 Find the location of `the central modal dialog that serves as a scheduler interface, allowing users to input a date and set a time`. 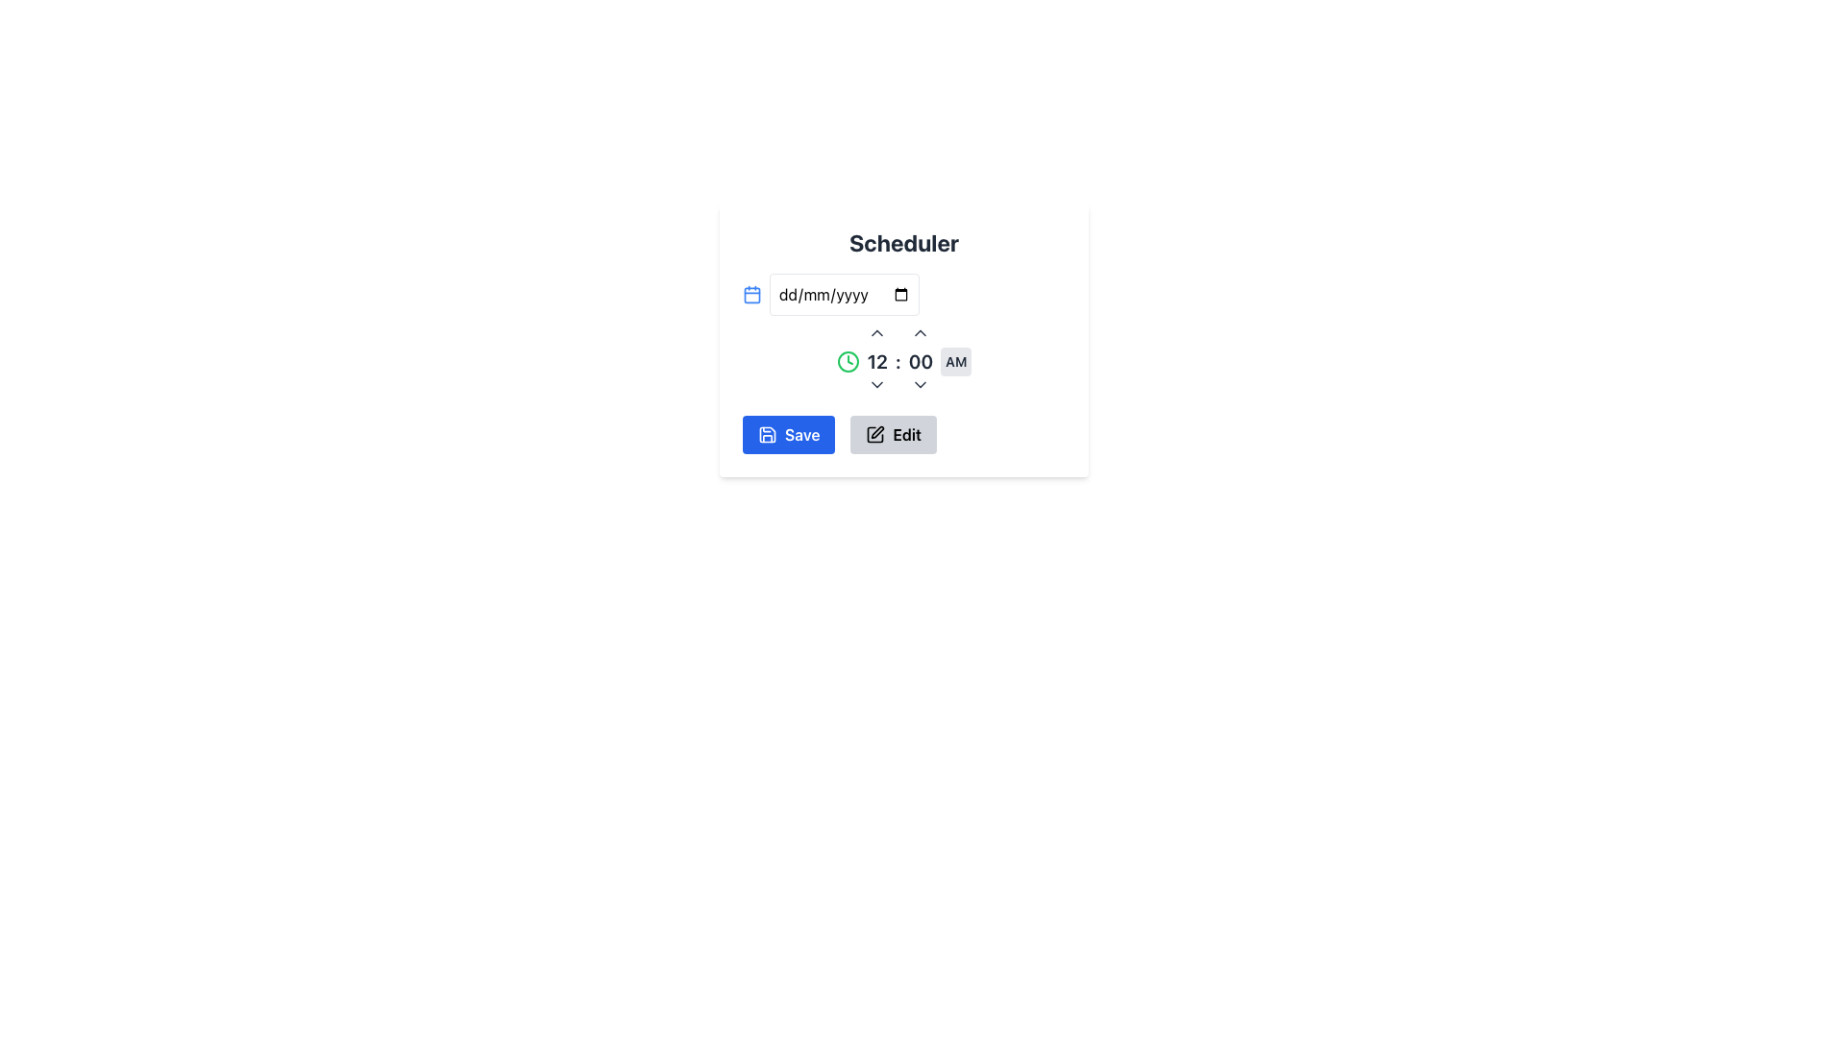

the central modal dialog that serves as a scheduler interface, allowing users to input a date and set a time is located at coordinates (902, 339).